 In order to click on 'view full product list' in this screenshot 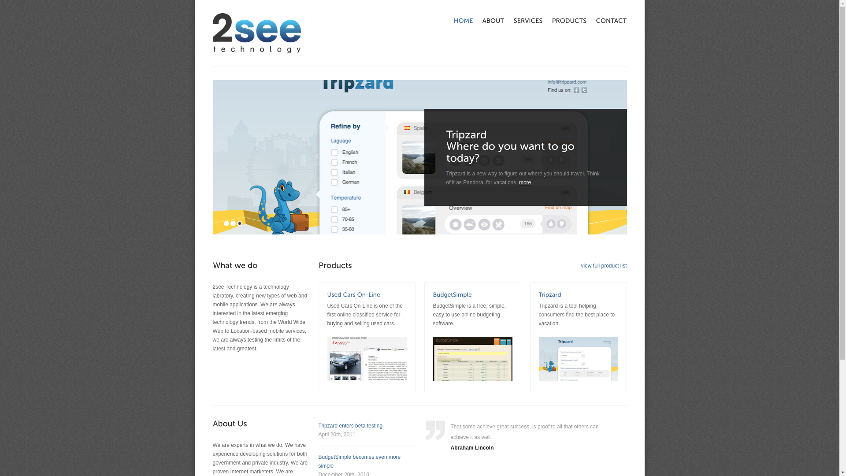, I will do `click(603, 265)`.